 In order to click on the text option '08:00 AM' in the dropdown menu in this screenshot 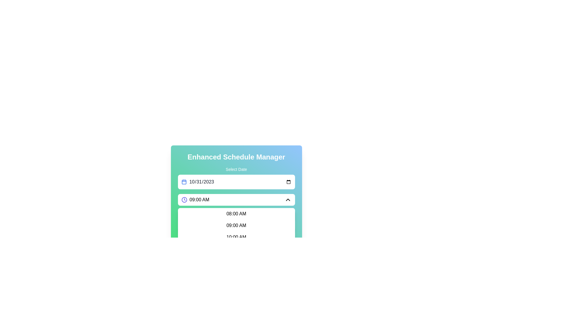, I will do `click(236, 214)`.